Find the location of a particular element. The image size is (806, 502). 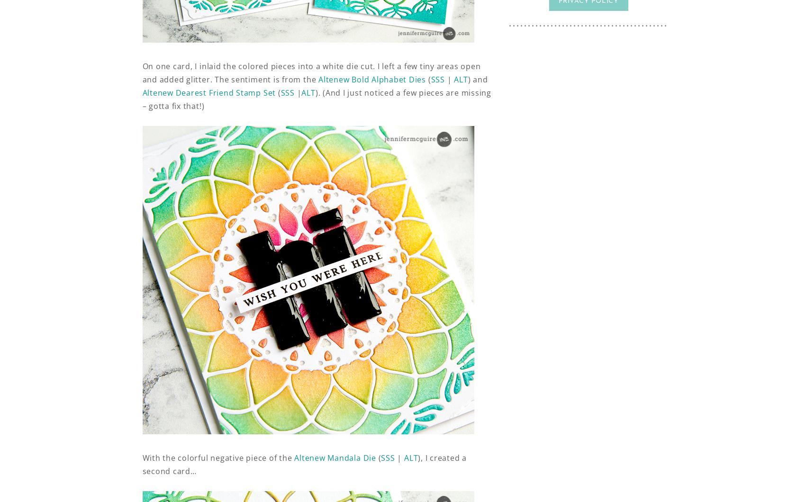

'). (And I just noticed a few pieces are missing – gotta fix that!)' is located at coordinates (316, 99).